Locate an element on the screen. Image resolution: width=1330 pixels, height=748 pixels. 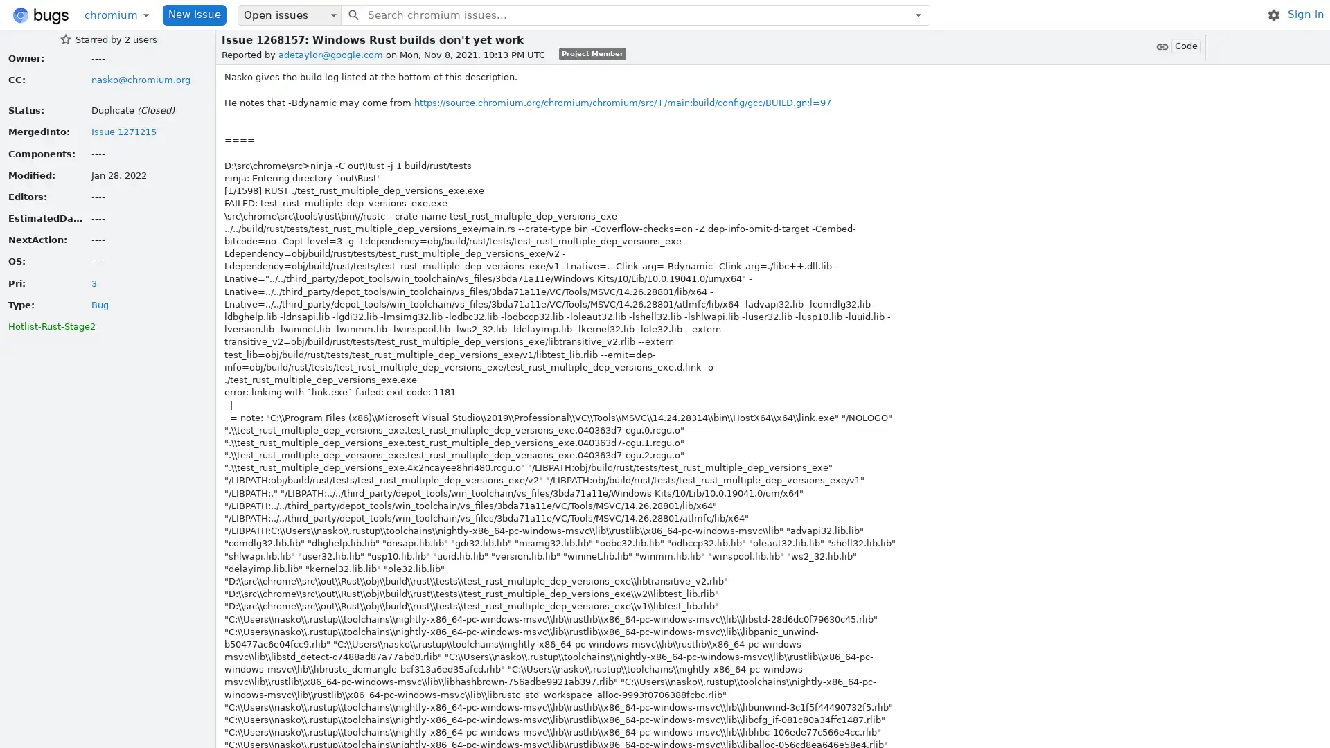
search is located at coordinates (353, 14).